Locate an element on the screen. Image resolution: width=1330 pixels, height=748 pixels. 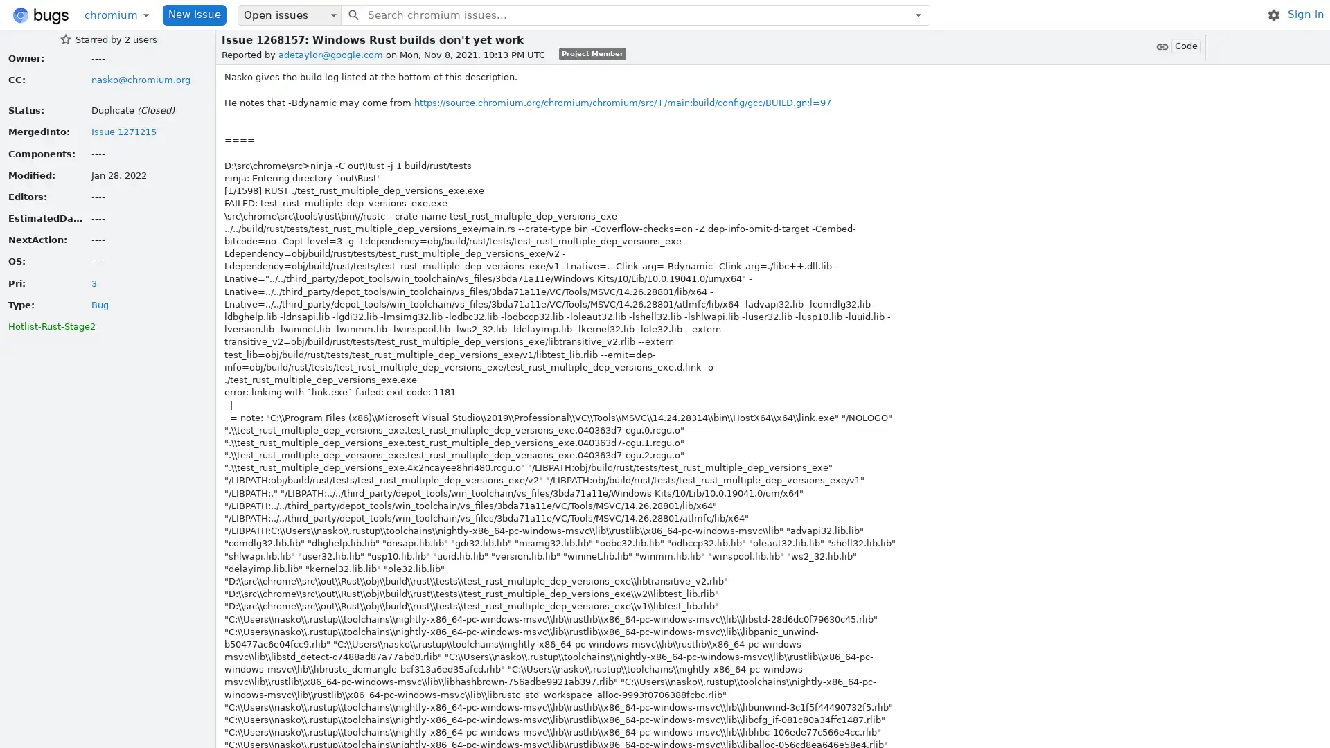
search is located at coordinates (353, 14).